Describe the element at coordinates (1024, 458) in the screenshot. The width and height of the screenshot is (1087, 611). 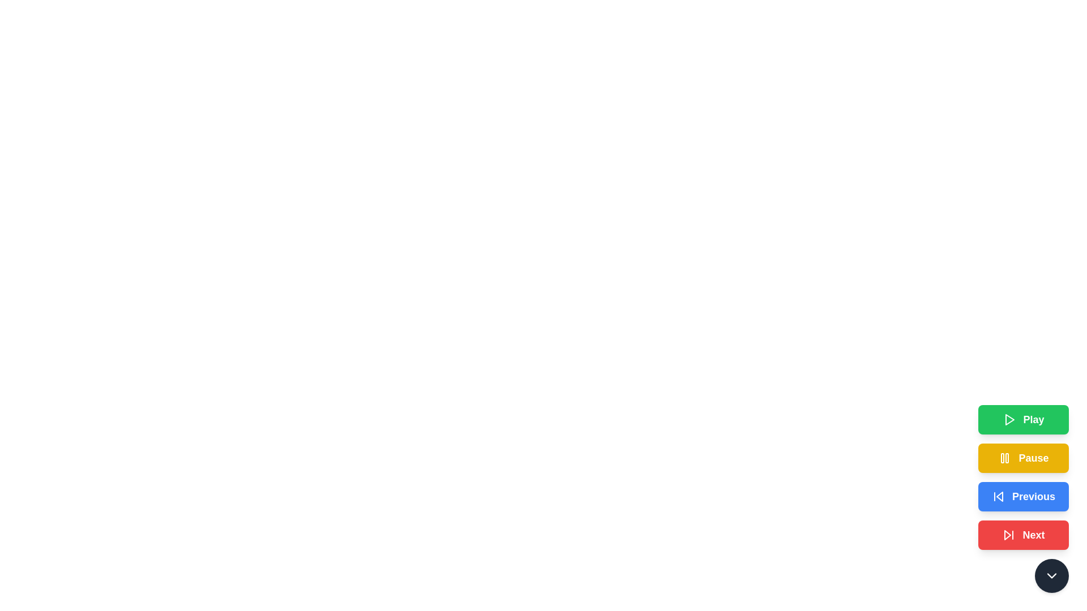
I see `the Pause button to perform the corresponding action` at that location.